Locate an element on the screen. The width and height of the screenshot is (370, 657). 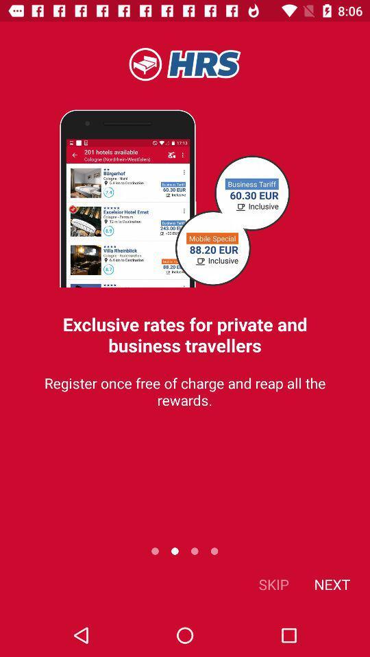
the icon to the right of the skip icon is located at coordinates (331, 583).